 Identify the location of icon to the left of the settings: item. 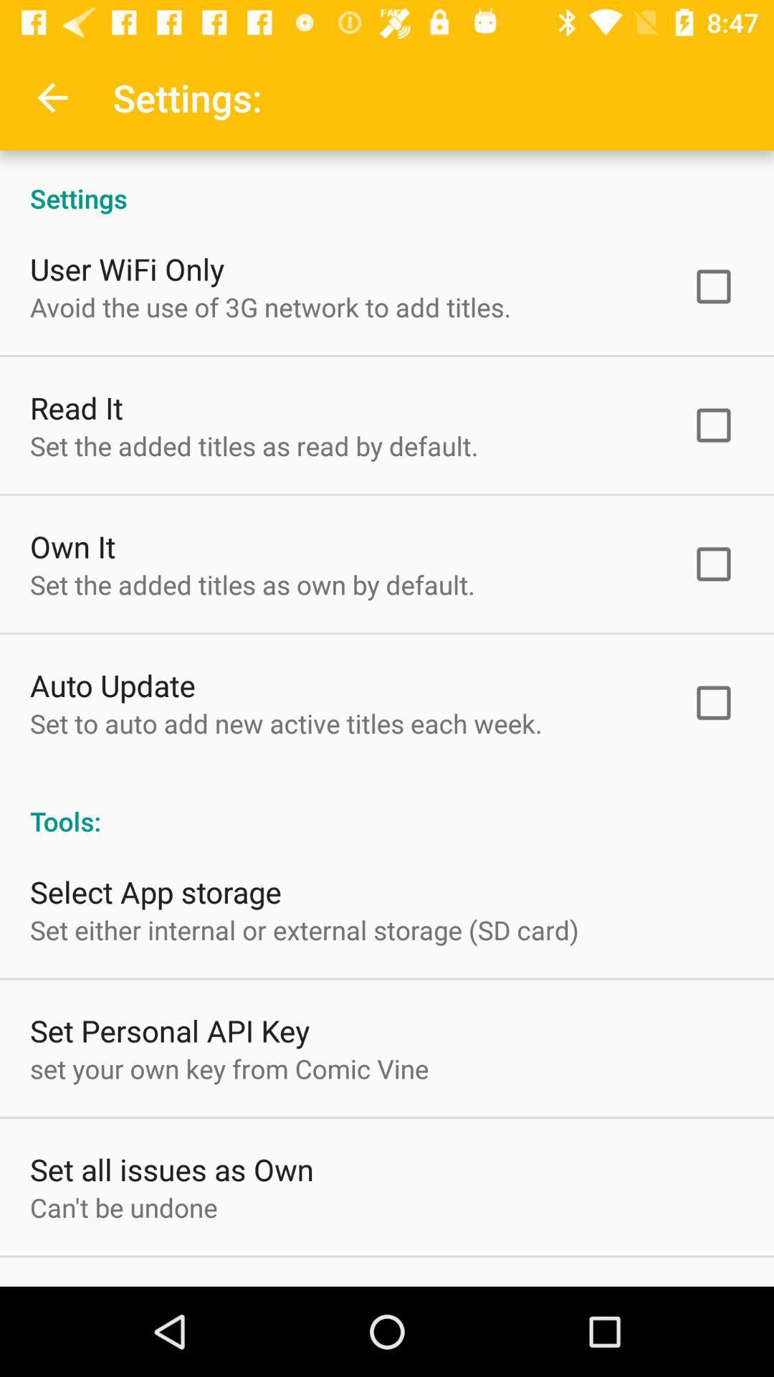
(52, 97).